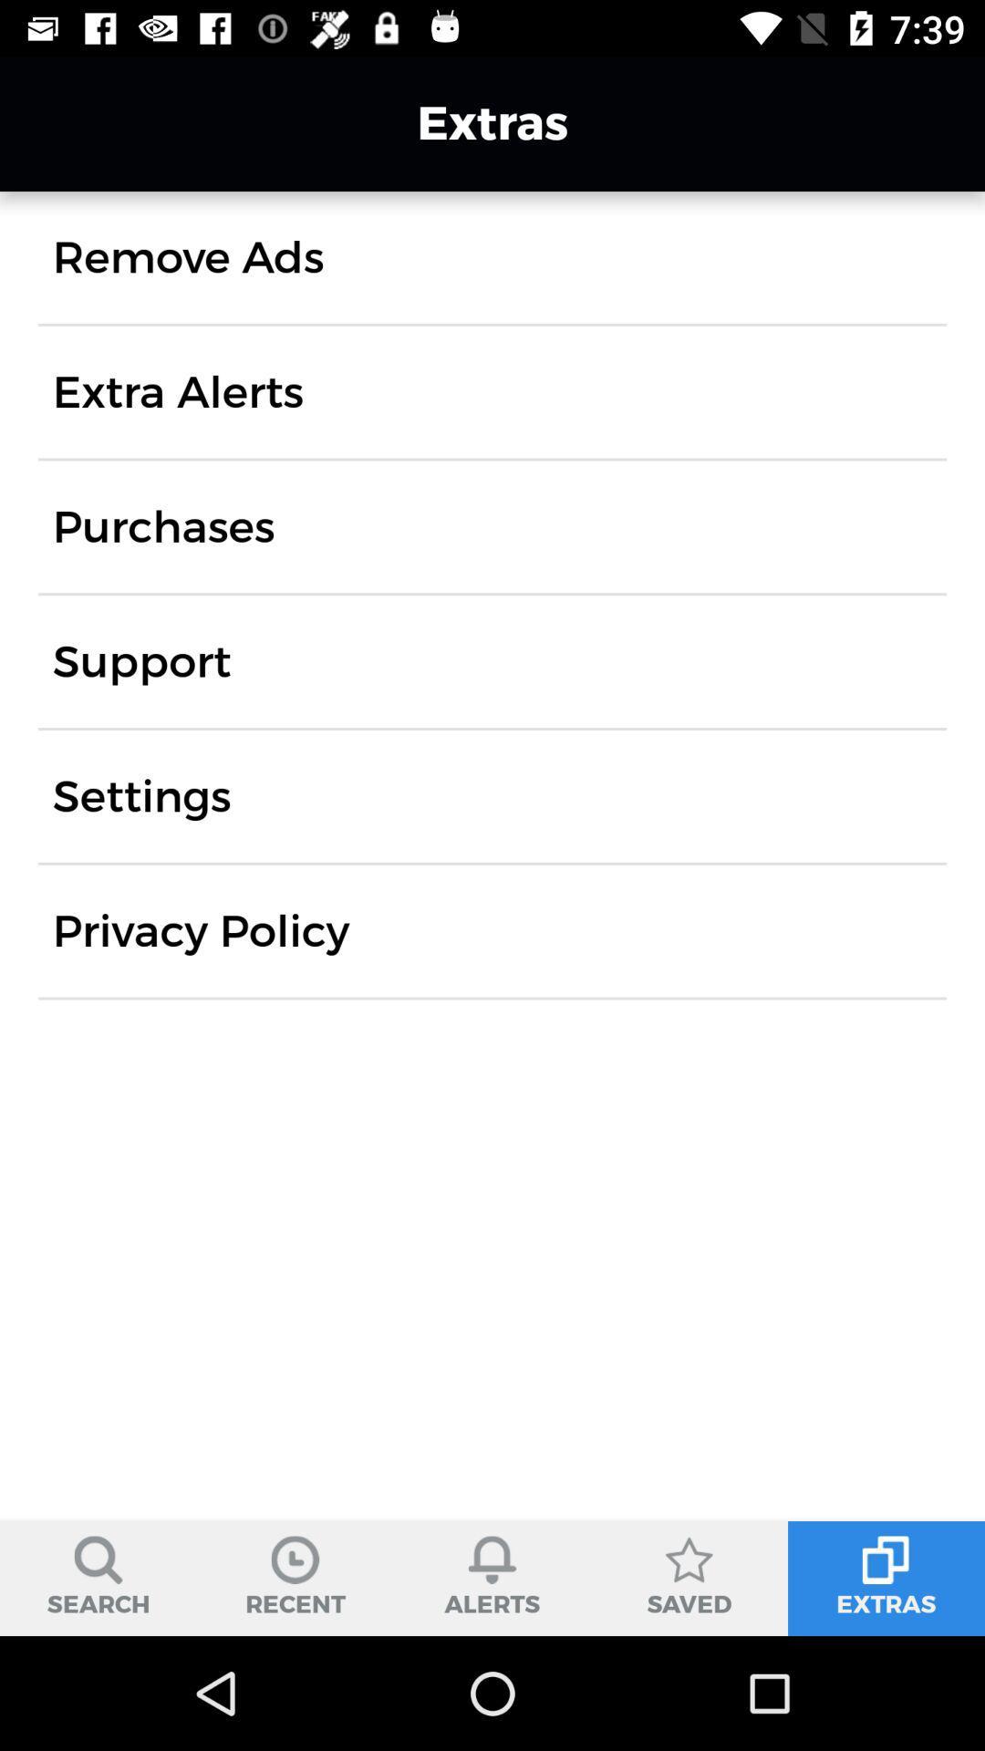 The width and height of the screenshot is (985, 1751). What do you see at coordinates (188, 256) in the screenshot?
I see `the remove ads` at bounding box center [188, 256].